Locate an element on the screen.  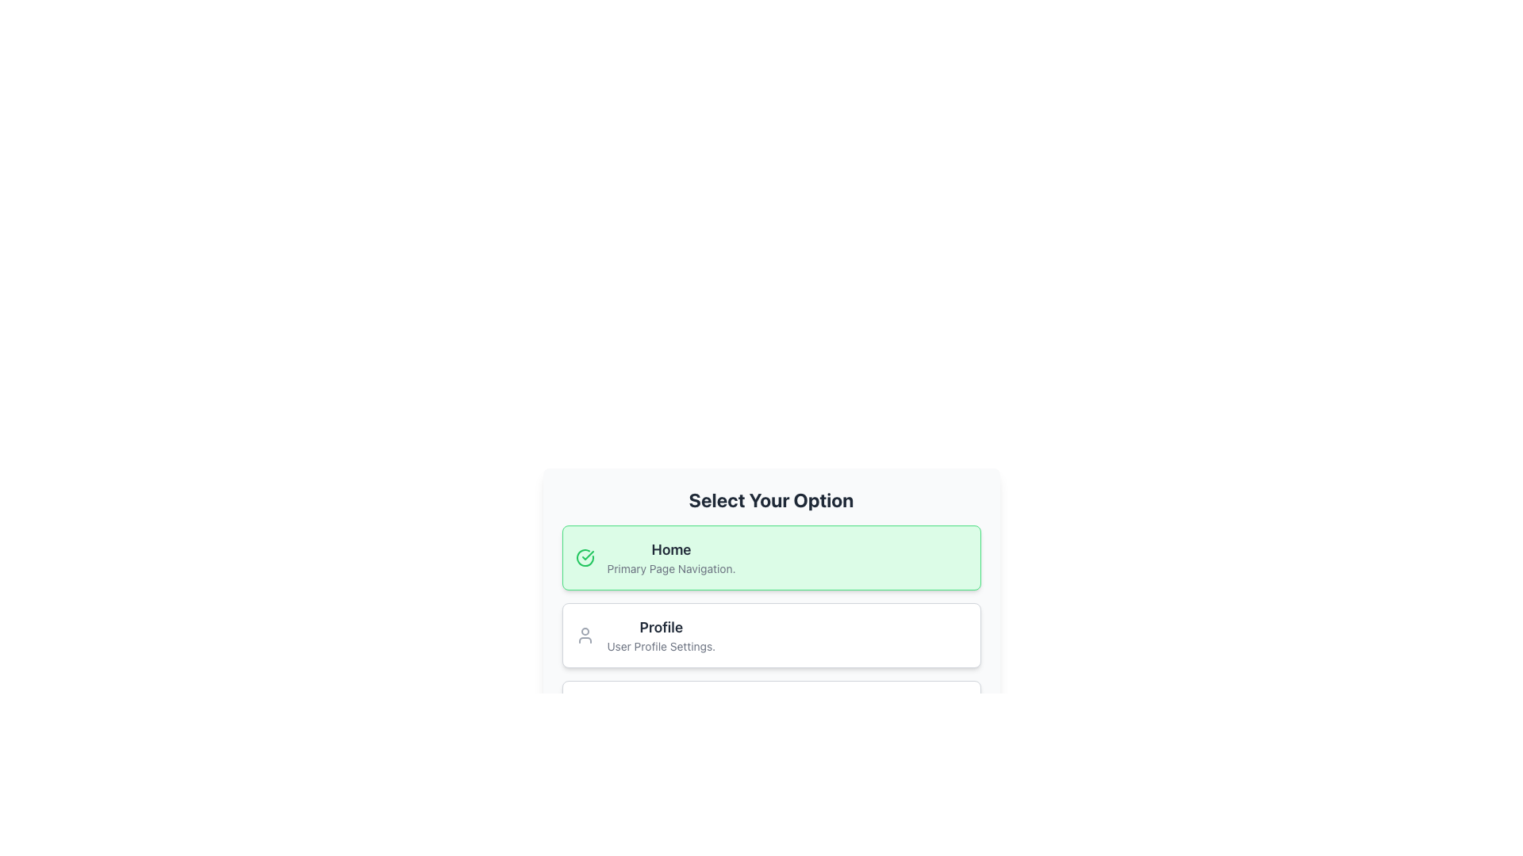
the 'Home' button is located at coordinates (771, 557).